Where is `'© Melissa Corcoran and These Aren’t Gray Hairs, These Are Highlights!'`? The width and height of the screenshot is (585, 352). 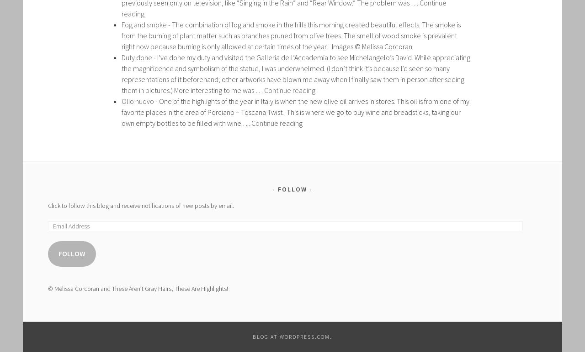 '© Melissa Corcoran and These Aren’t Gray Hairs, These Are Highlights!' is located at coordinates (137, 288).